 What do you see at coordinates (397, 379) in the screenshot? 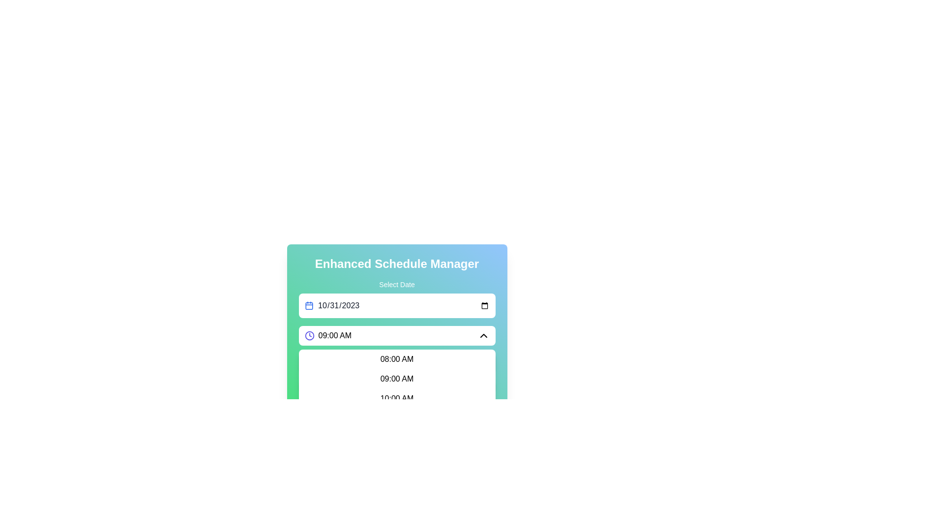
I see `the '09:00 AM' time selection item in the dropdown menu of the 'Schedule Manager' interface` at bounding box center [397, 379].